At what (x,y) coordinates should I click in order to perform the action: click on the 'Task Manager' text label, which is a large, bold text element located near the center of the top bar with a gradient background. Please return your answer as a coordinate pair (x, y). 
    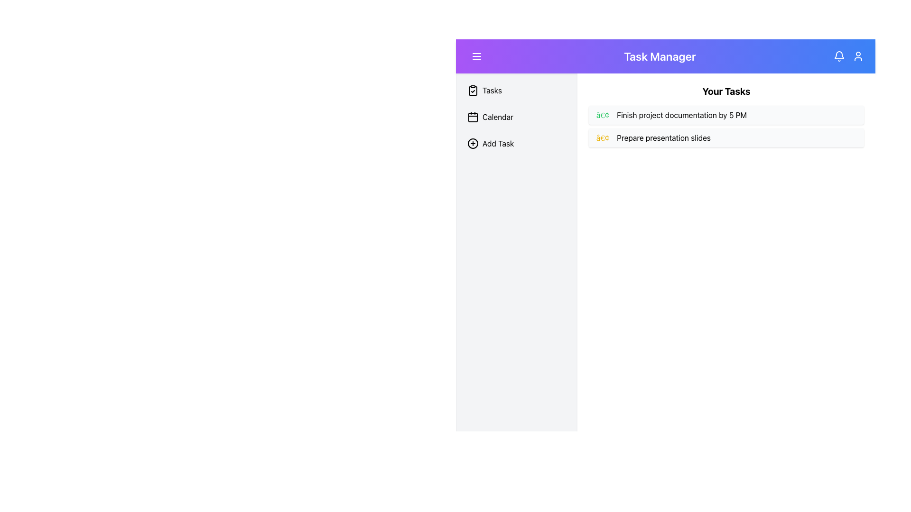
    Looking at the image, I should click on (660, 56).